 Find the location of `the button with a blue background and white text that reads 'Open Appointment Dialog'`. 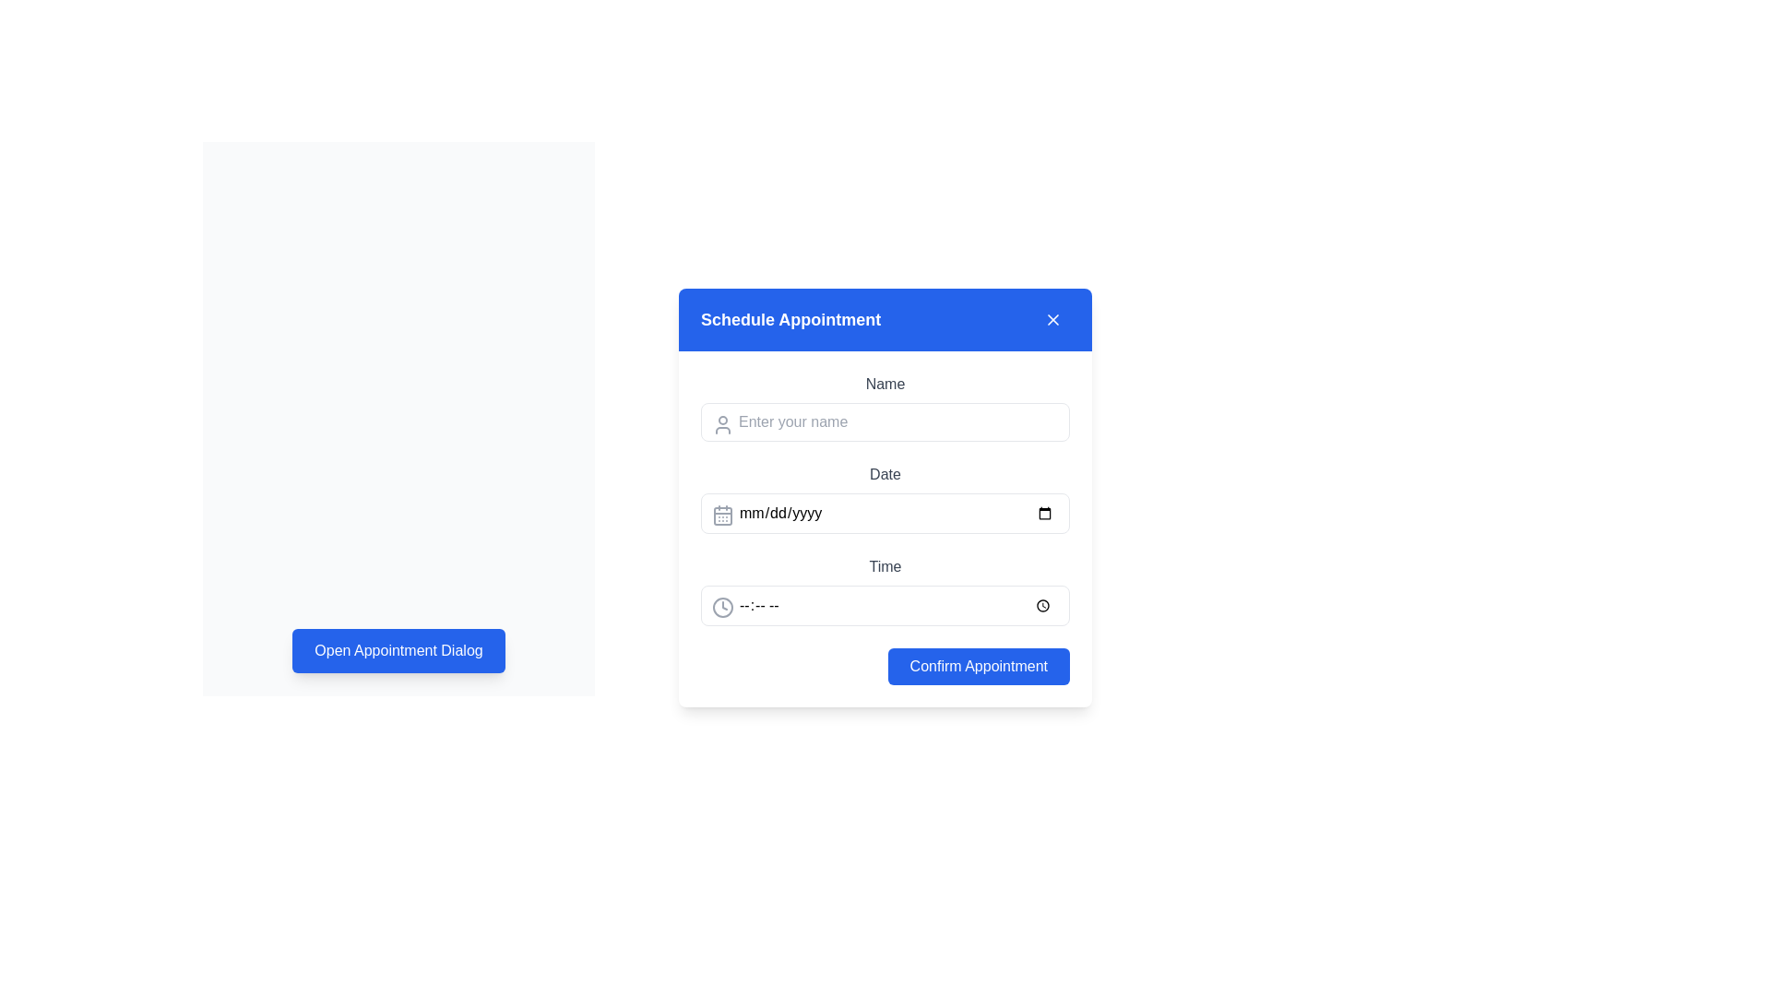

the button with a blue background and white text that reads 'Open Appointment Dialog' is located at coordinates (398, 649).